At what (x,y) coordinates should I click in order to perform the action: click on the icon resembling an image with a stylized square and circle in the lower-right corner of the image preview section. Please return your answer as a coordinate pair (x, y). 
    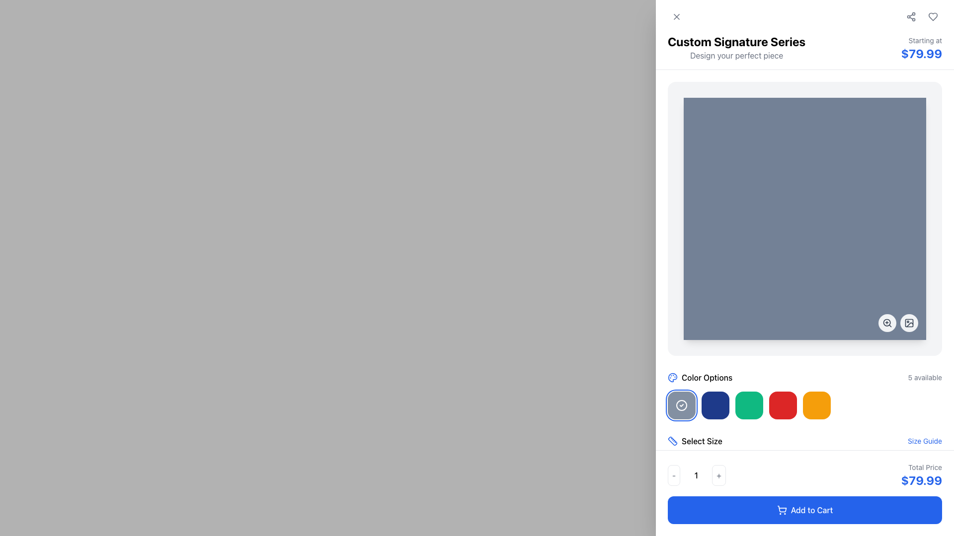
    Looking at the image, I should click on (909, 323).